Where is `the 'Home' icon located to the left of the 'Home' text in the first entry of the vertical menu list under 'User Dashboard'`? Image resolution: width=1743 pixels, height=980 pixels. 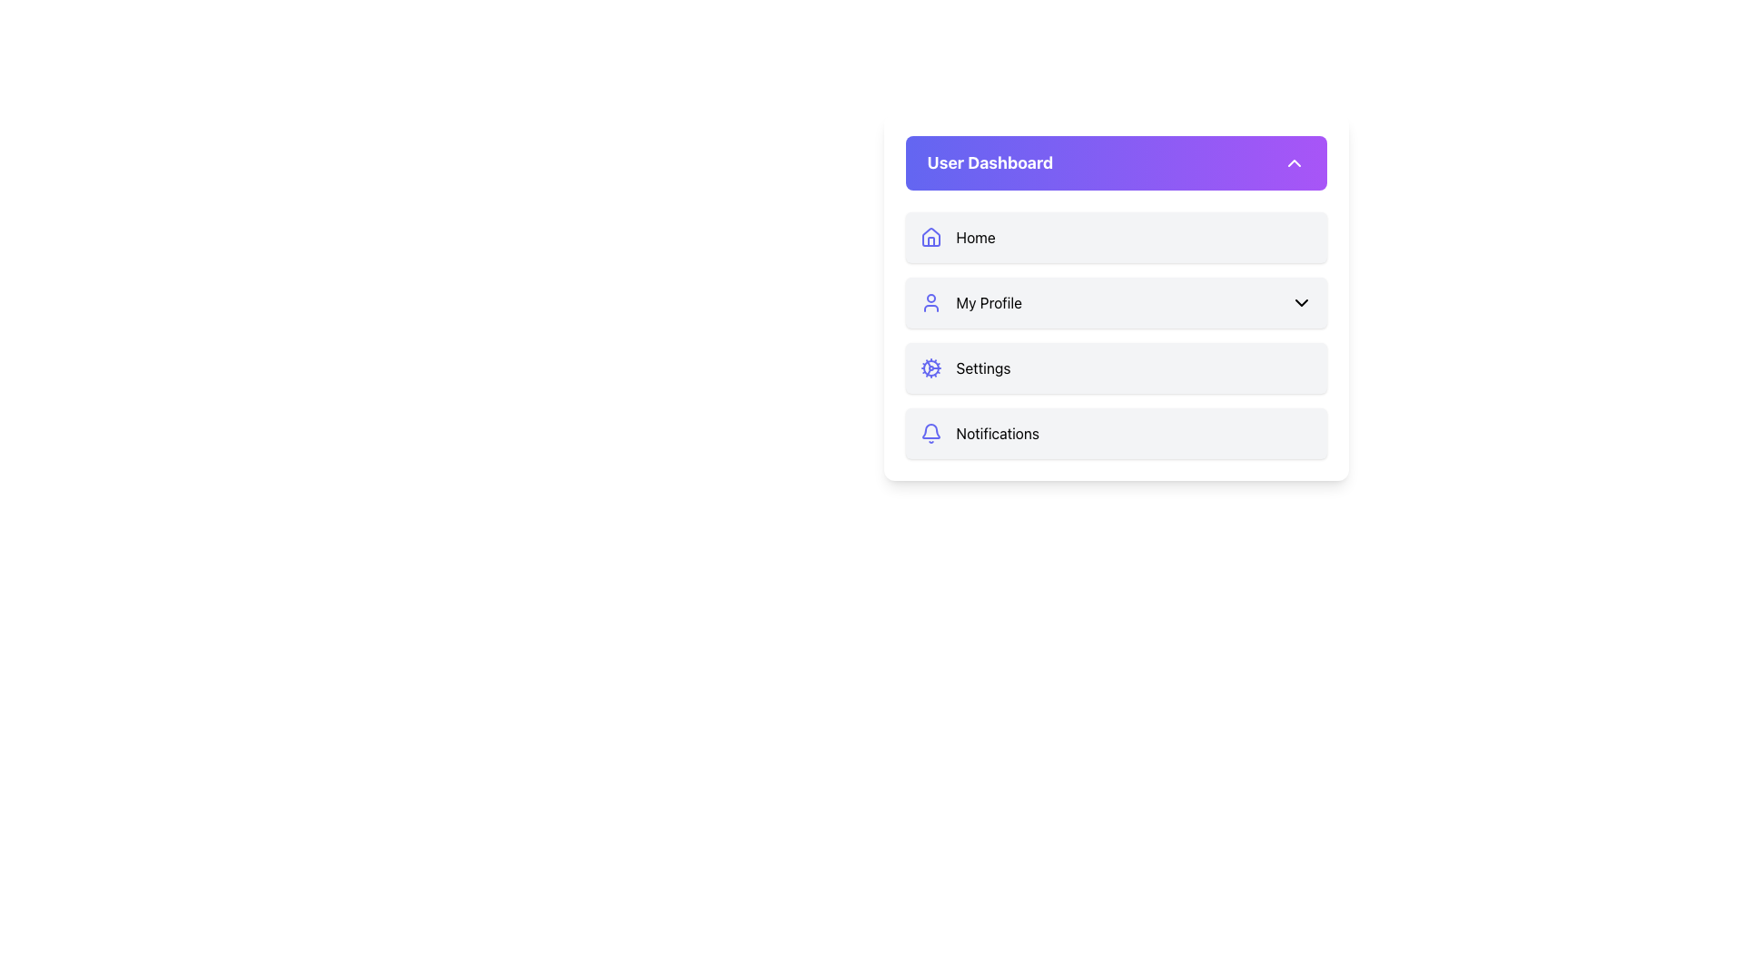
the 'Home' icon located to the left of the 'Home' text in the first entry of the vertical menu list under 'User Dashboard' is located at coordinates (931, 237).